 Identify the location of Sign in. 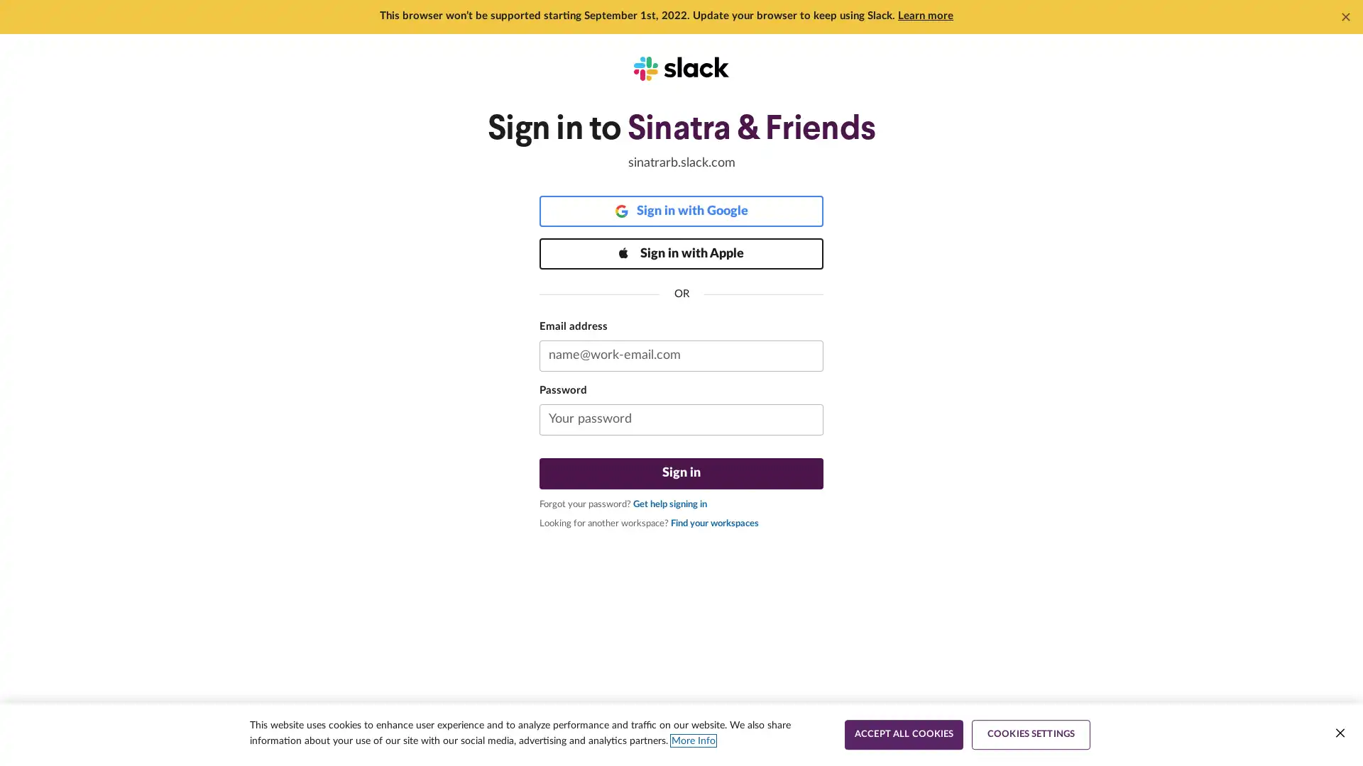
(681, 473).